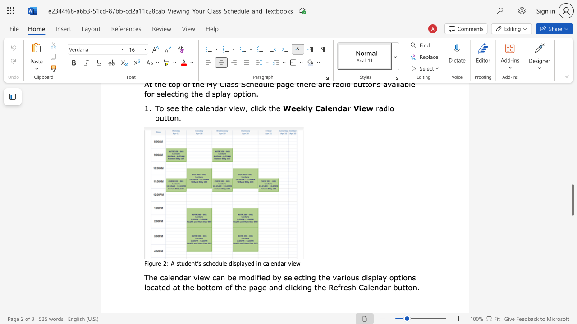  Describe the element at coordinates (572, 99) in the screenshot. I see `the scrollbar on the right to shift the page higher` at that location.